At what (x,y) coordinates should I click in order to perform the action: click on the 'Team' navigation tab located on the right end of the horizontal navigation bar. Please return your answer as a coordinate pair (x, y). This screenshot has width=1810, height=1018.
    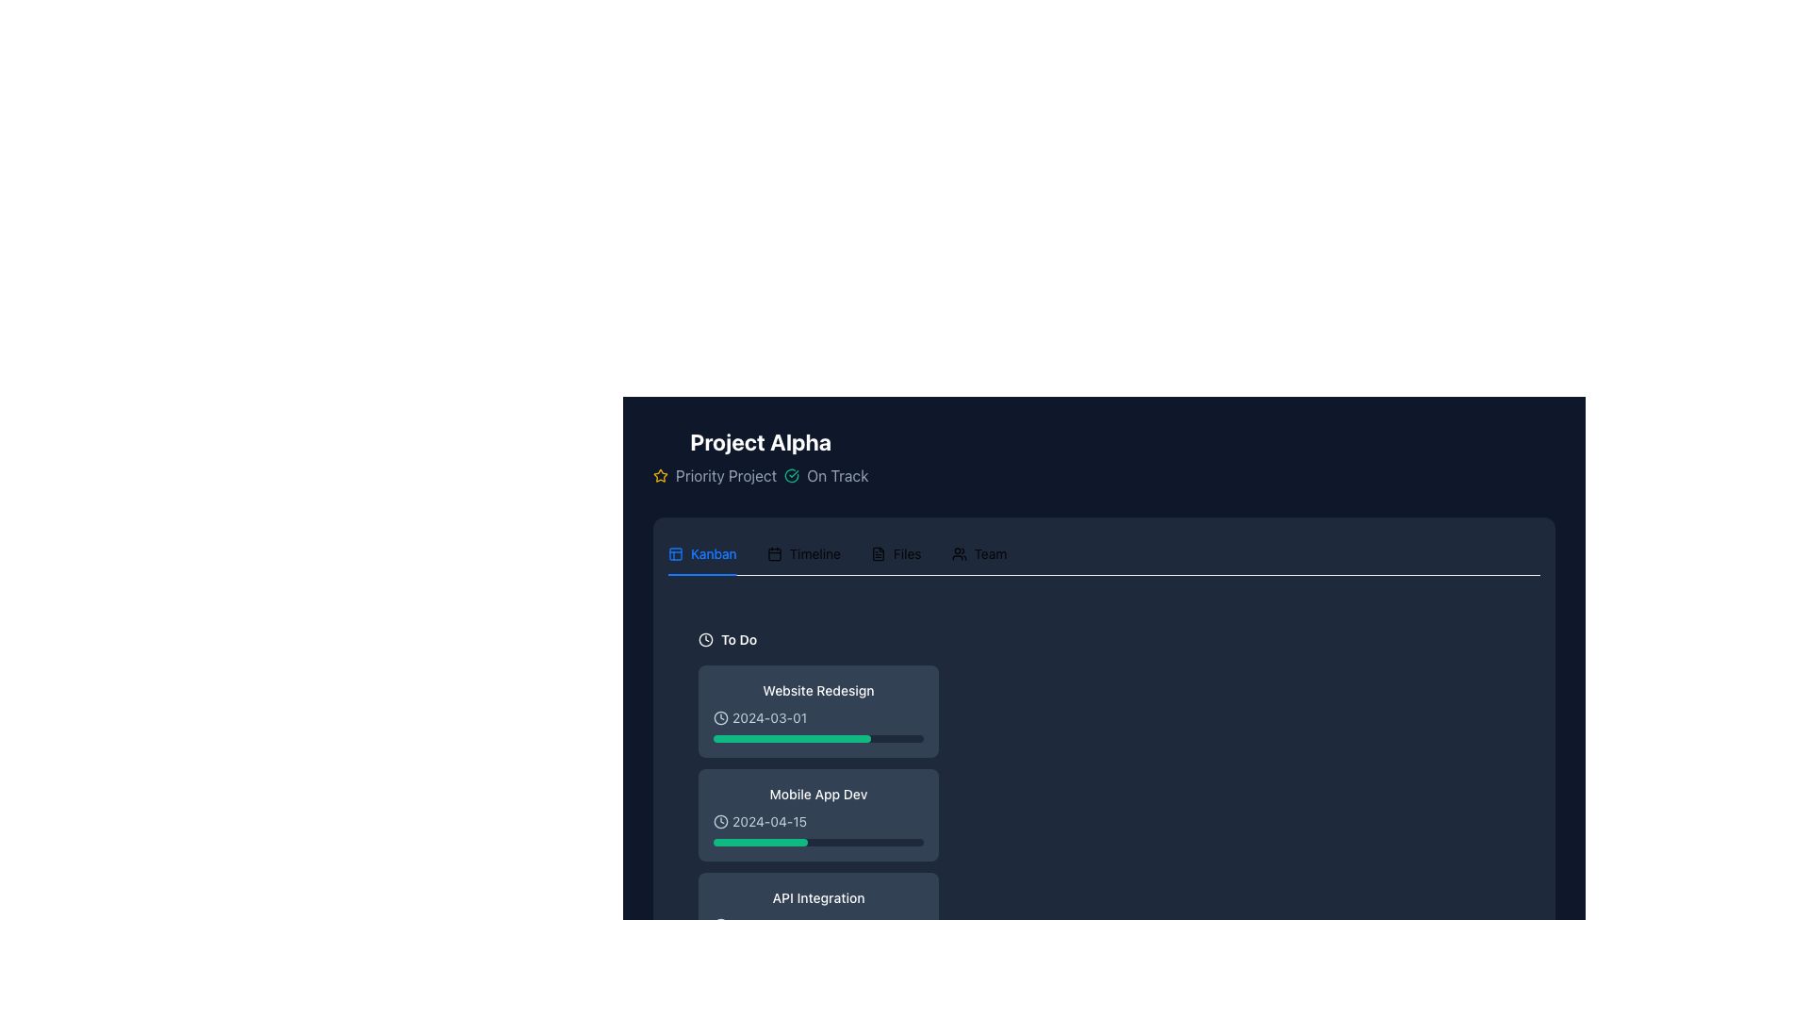
    Looking at the image, I should click on (979, 552).